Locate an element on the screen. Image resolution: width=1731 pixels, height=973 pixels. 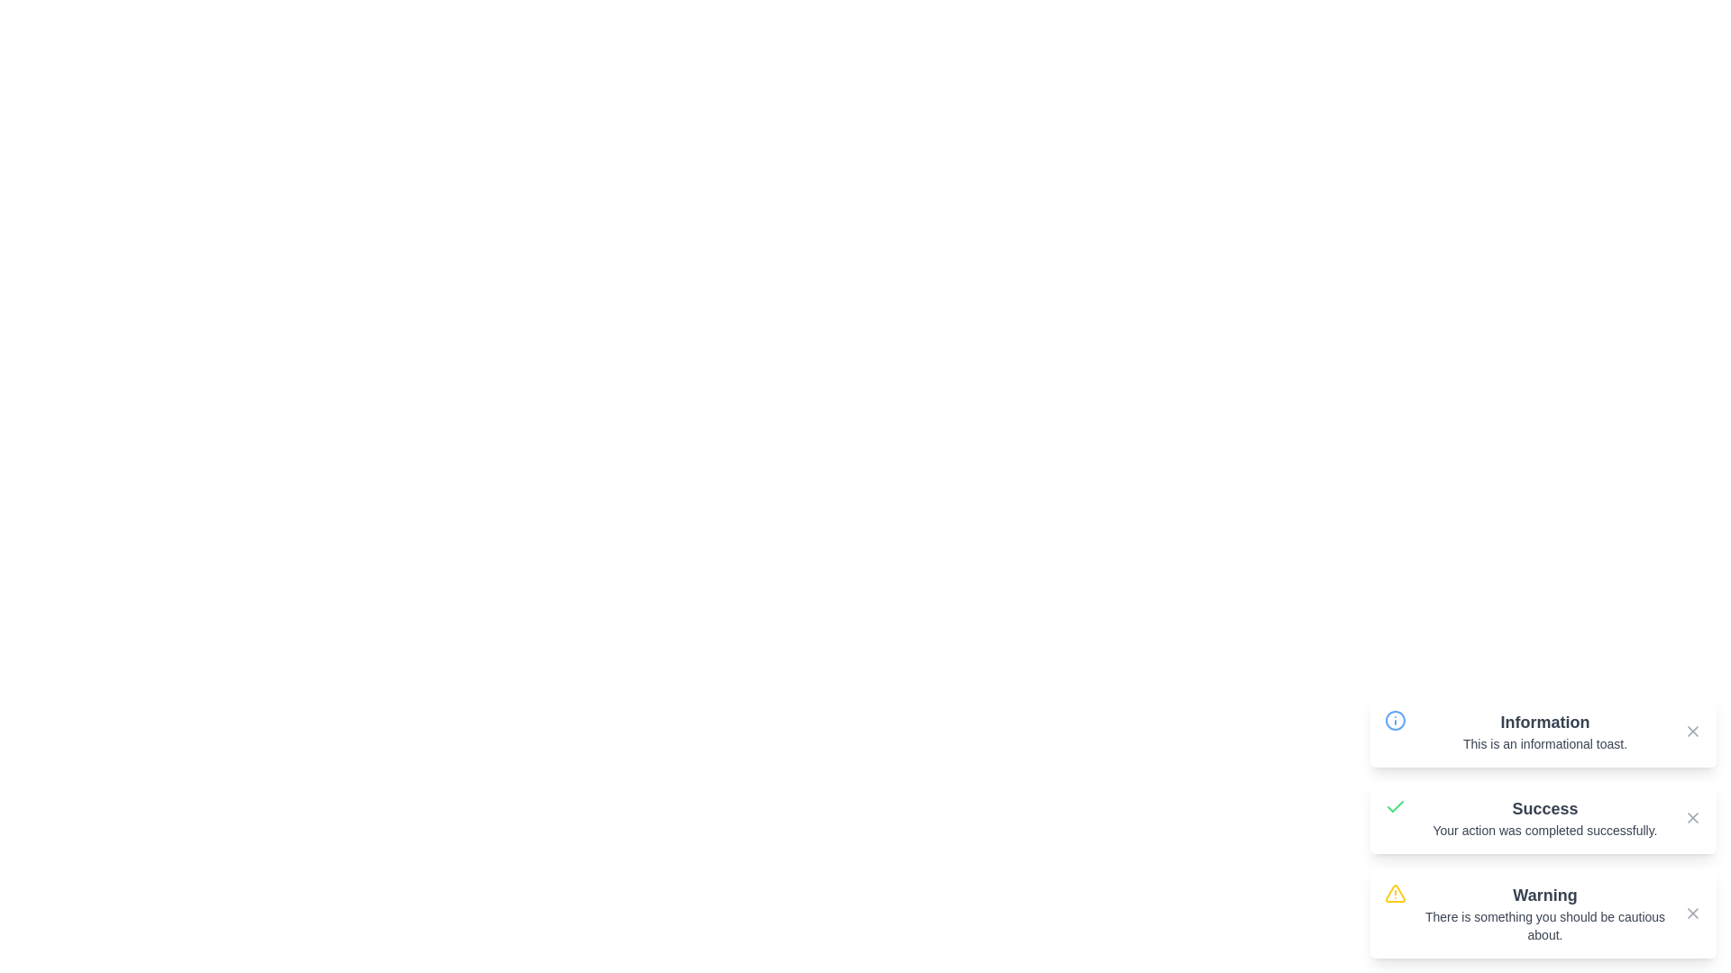
the Close button located in the top-right corner of the 'Information' toast notification is located at coordinates (1691, 732).